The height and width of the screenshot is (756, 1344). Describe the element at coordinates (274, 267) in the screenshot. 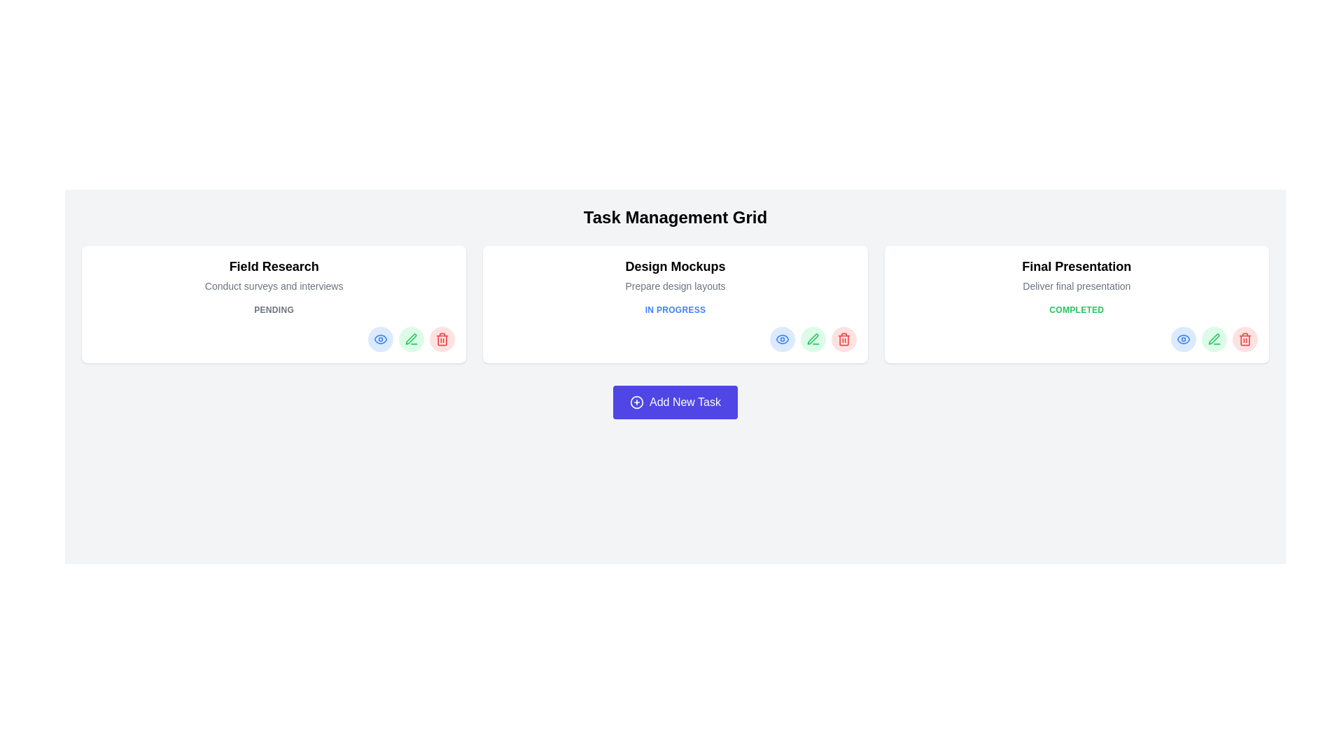

I see `the 'Field Research' text label, which is prominently displayed in bold font at the top of the leftmost card in the task grid` at that location.